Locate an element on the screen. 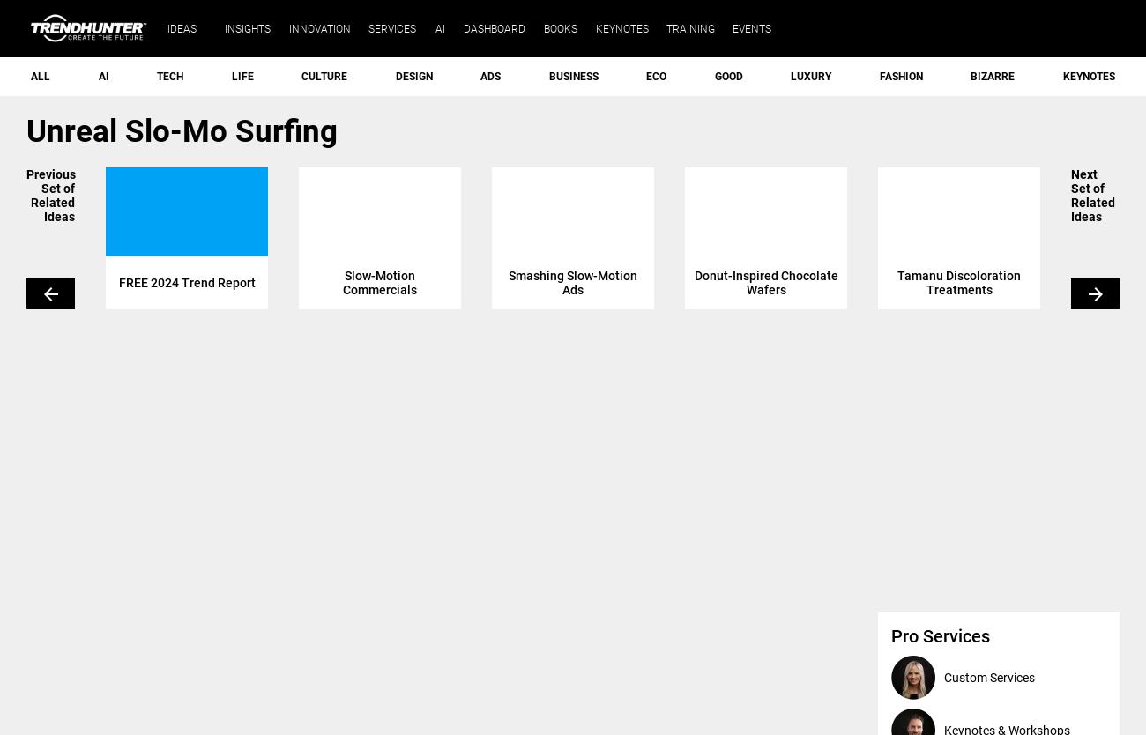 Image resolution: width=1146 pixels, height=735 pixels. 'Business' is located at coordinates (573, 75).